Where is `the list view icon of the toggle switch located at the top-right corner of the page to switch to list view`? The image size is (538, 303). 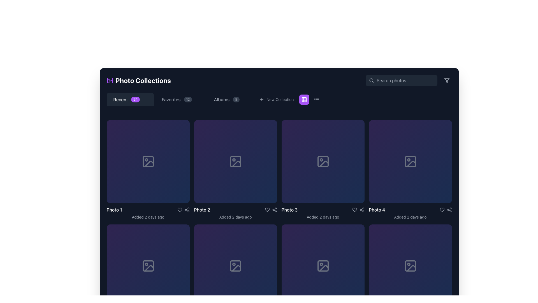
the list view icon of the toggle switch located at the top-right corner of the page to switch to list view is located at coordinates (310, 99).